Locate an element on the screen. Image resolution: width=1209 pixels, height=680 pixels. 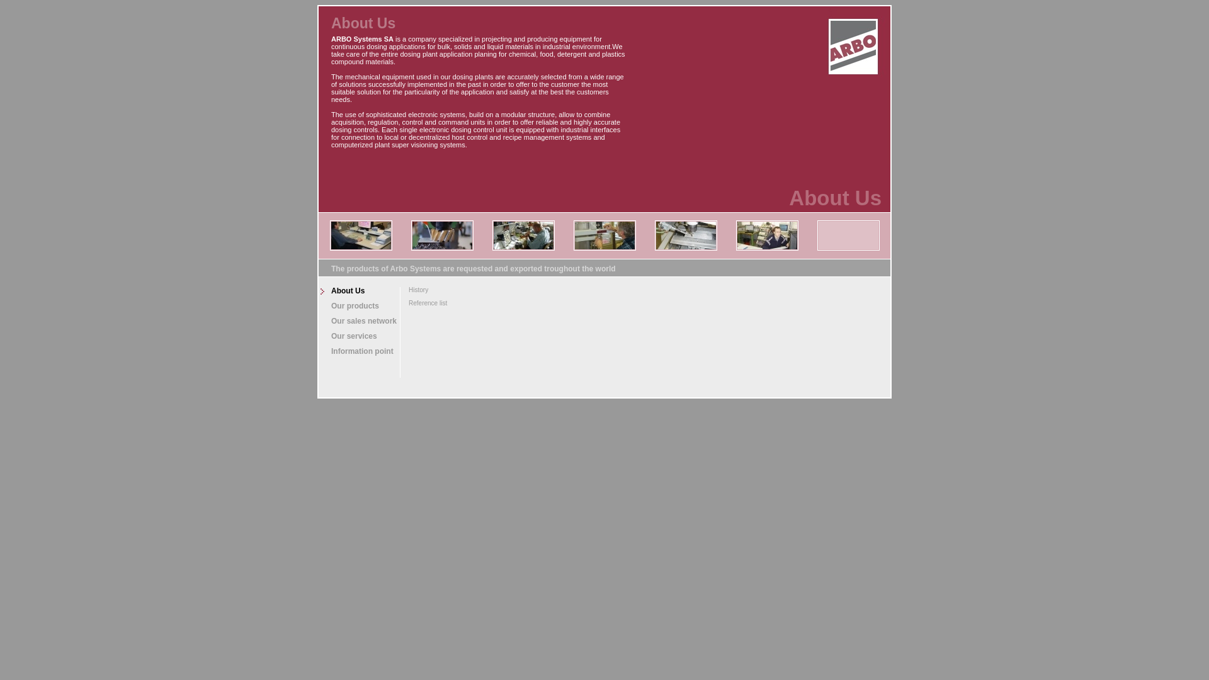
'Information point' is located at coordinates (358, 351).